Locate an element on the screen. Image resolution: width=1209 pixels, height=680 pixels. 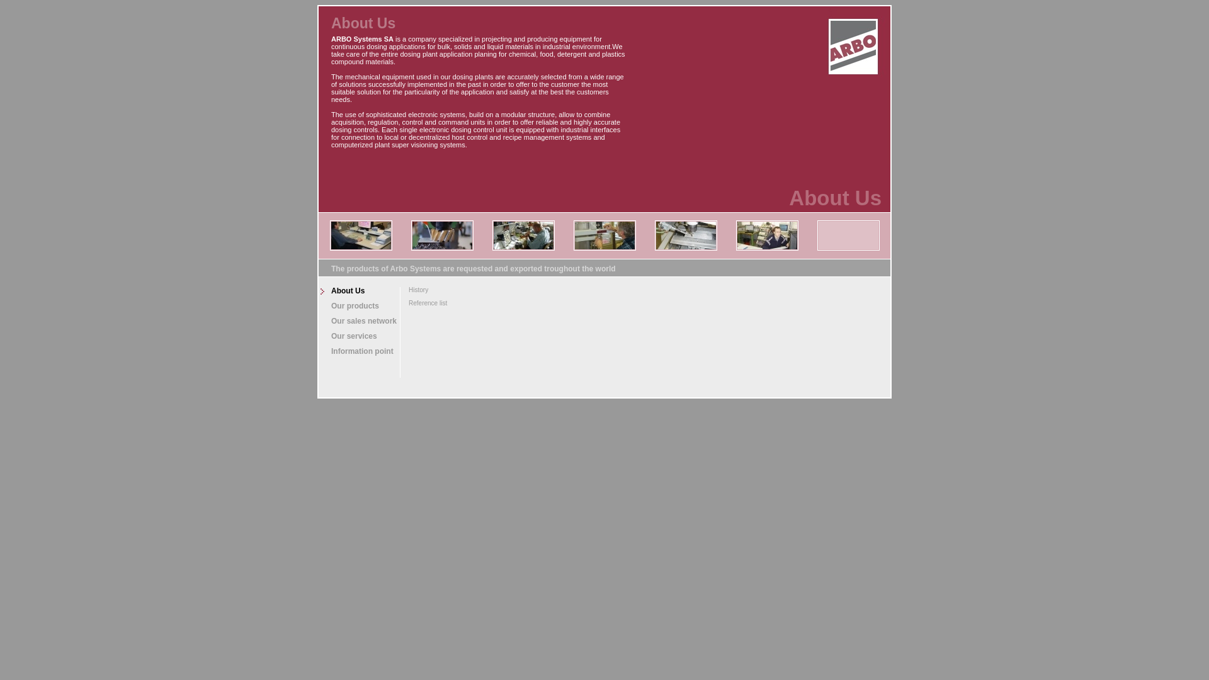
'Information point' is located at coordinates (358, 351).